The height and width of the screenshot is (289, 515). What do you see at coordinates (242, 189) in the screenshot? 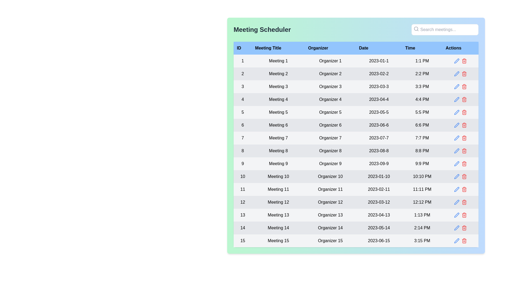
I see `the text label displaying the number '11' in the first column of the table, which is styled with centered black text on a light gray background` at bounding box center [242, 189].